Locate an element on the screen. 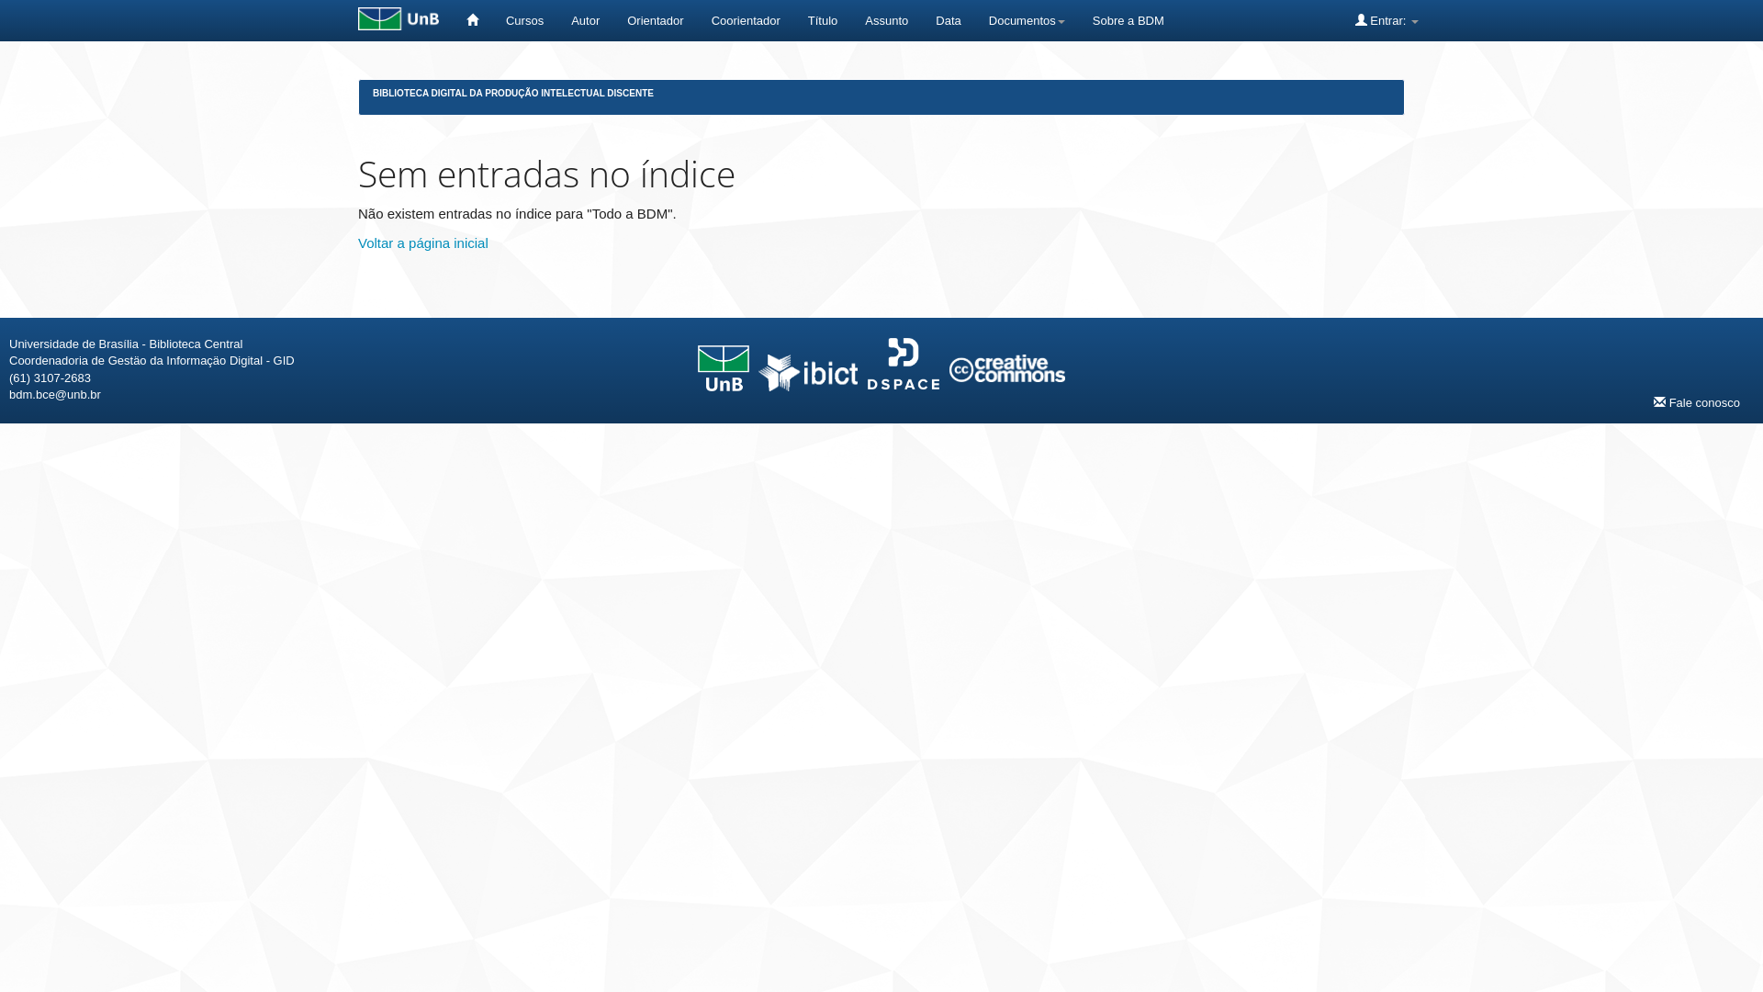  'Entrar:' is located at coordinates (1387, 20).